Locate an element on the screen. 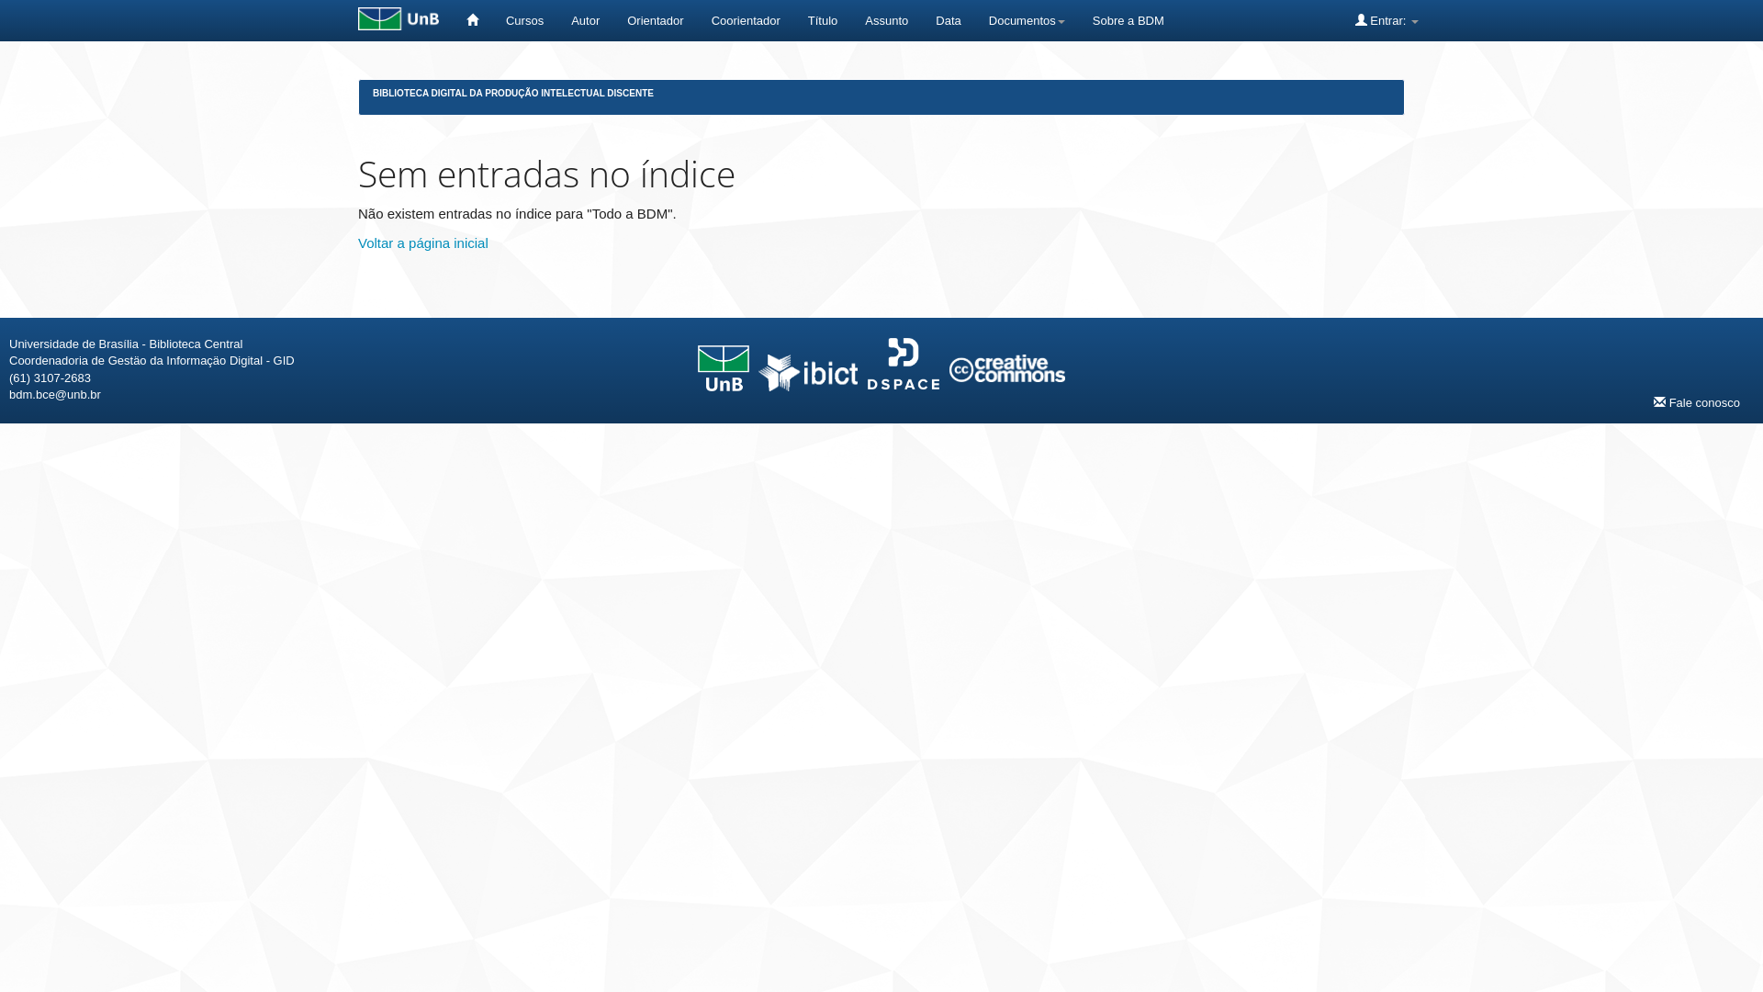  'Entrar:' is located at coordinates (1387, 20).